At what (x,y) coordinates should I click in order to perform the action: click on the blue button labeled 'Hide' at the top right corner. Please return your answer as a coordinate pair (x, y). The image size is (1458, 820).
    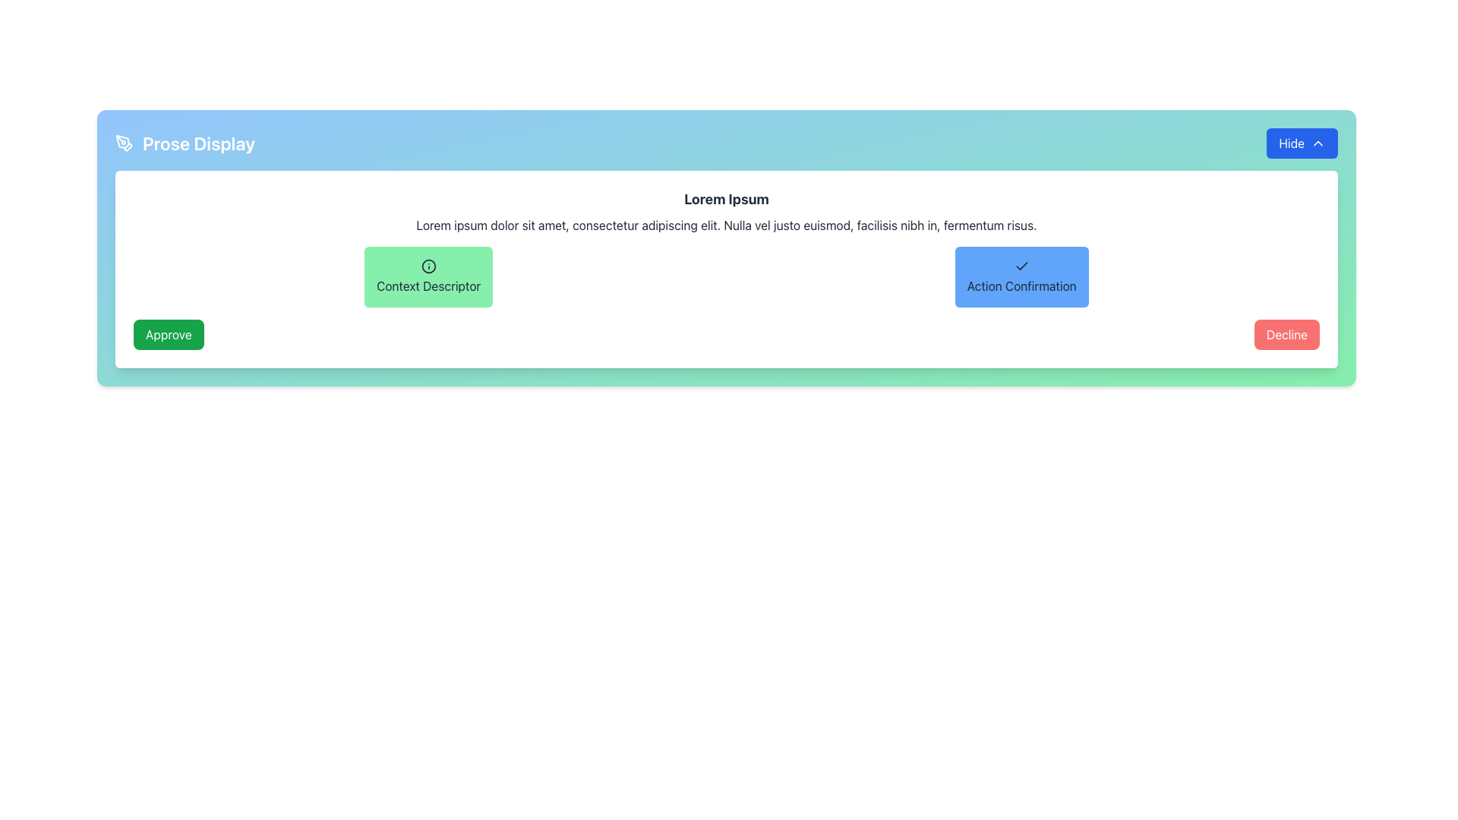
    Looking at the image, I should click on (1291, 143).